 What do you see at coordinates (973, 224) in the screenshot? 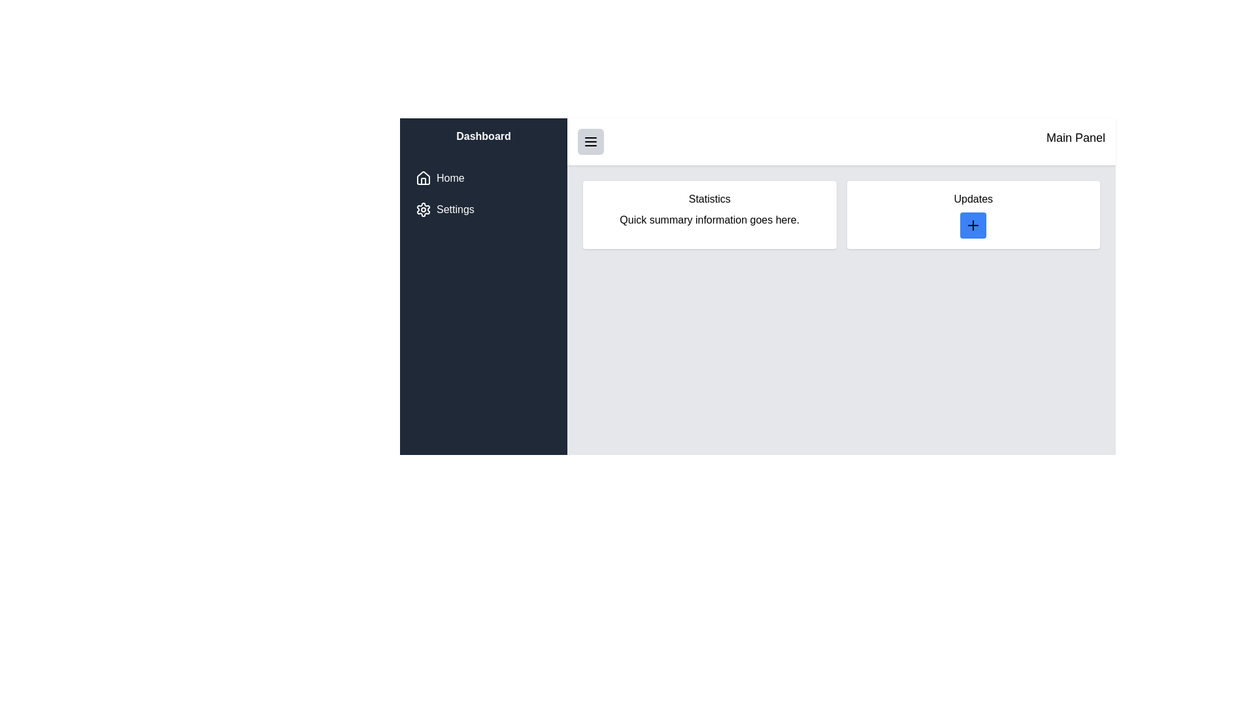
I see `the plus icon button located in the upper-right corner of the 'Updates' card` at bounding box center [973, 224].